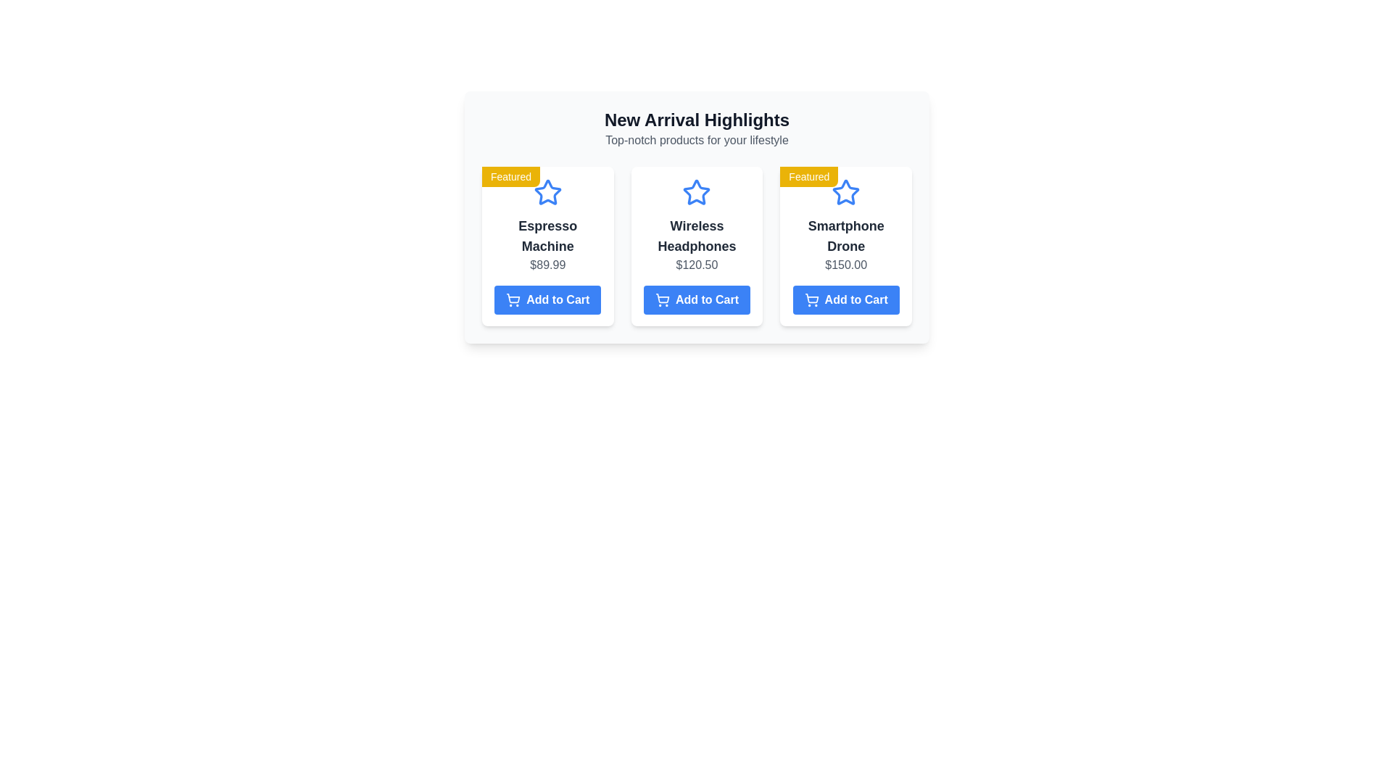 Image resolution: width=1392 pixels, height=783 pixels. I want to click on the shopping cart icon located to the left of the 'Add to Cart' text button for the 'Smartphone Drone' product, so click(811, 299).